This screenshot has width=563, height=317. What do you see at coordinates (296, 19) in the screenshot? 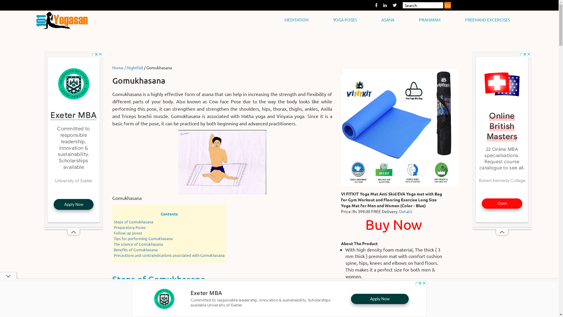
I see `'MEDITATION'` at bounding box center [296, 19].